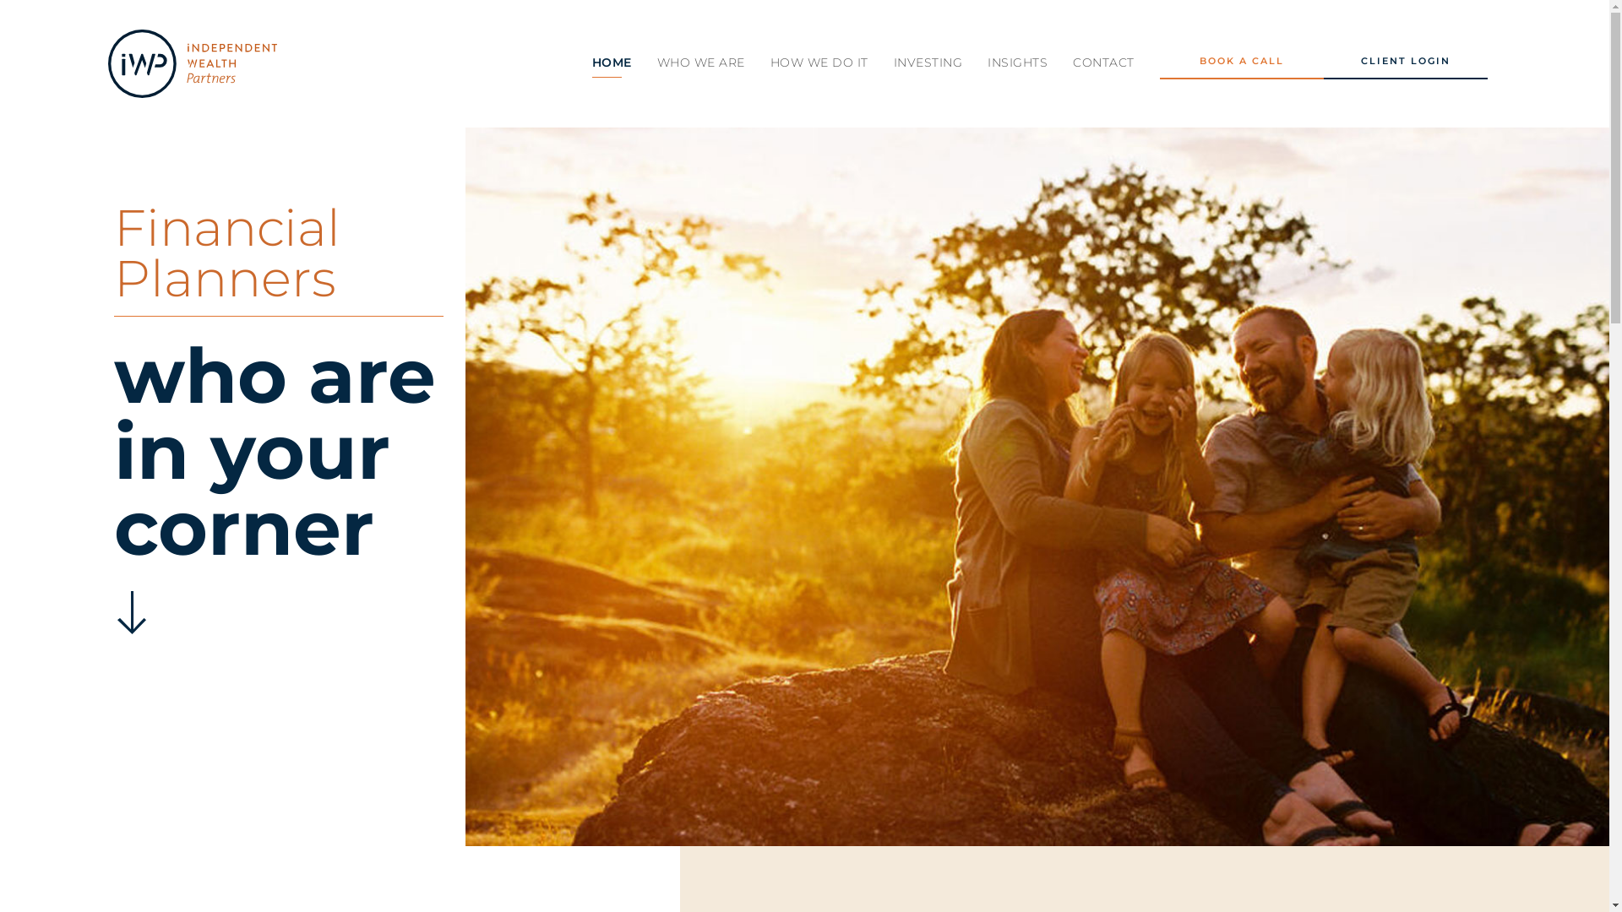 The height and width of the screenshot is (912, 1622). Describe the element at coordinates (1103, 61) in the screenshot. I see `'CONTACT'` at that location.